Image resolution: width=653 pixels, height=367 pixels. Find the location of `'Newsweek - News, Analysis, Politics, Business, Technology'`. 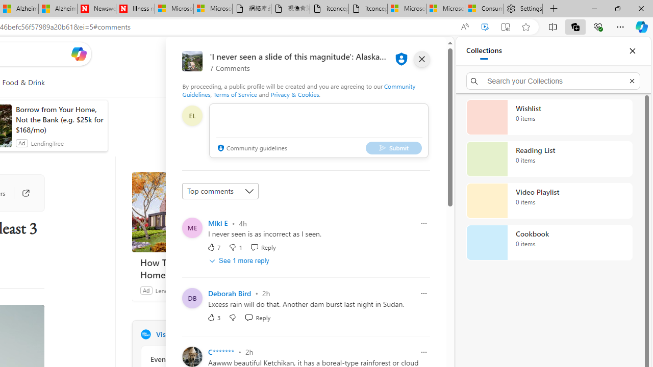

'Newsweek - News, Analysis, Politics, Business, Technology' is located at coordinates (96, 9).